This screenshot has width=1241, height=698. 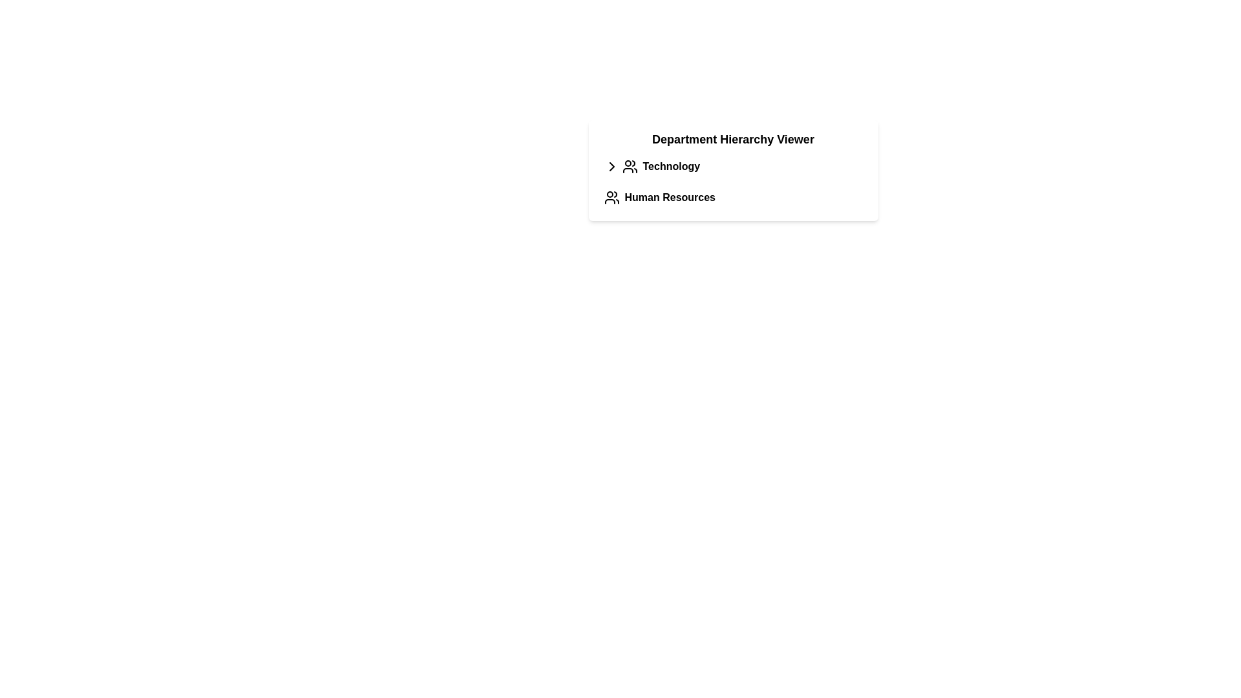 What do you see at coordinates (671, 166) in the screenshot?
I see `the 'Technology' text label element, which is styled in bold and located above the 'Human Resources' department entry in the department hierarchy section` at bounding box center [671, 166].